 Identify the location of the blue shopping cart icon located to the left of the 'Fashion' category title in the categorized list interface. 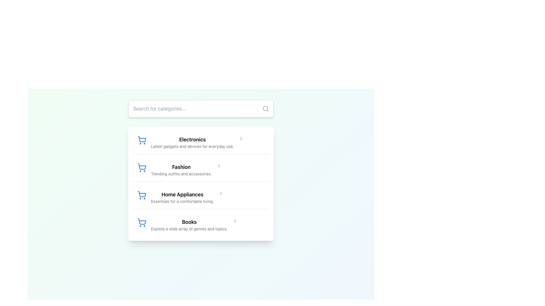
(142, 167).